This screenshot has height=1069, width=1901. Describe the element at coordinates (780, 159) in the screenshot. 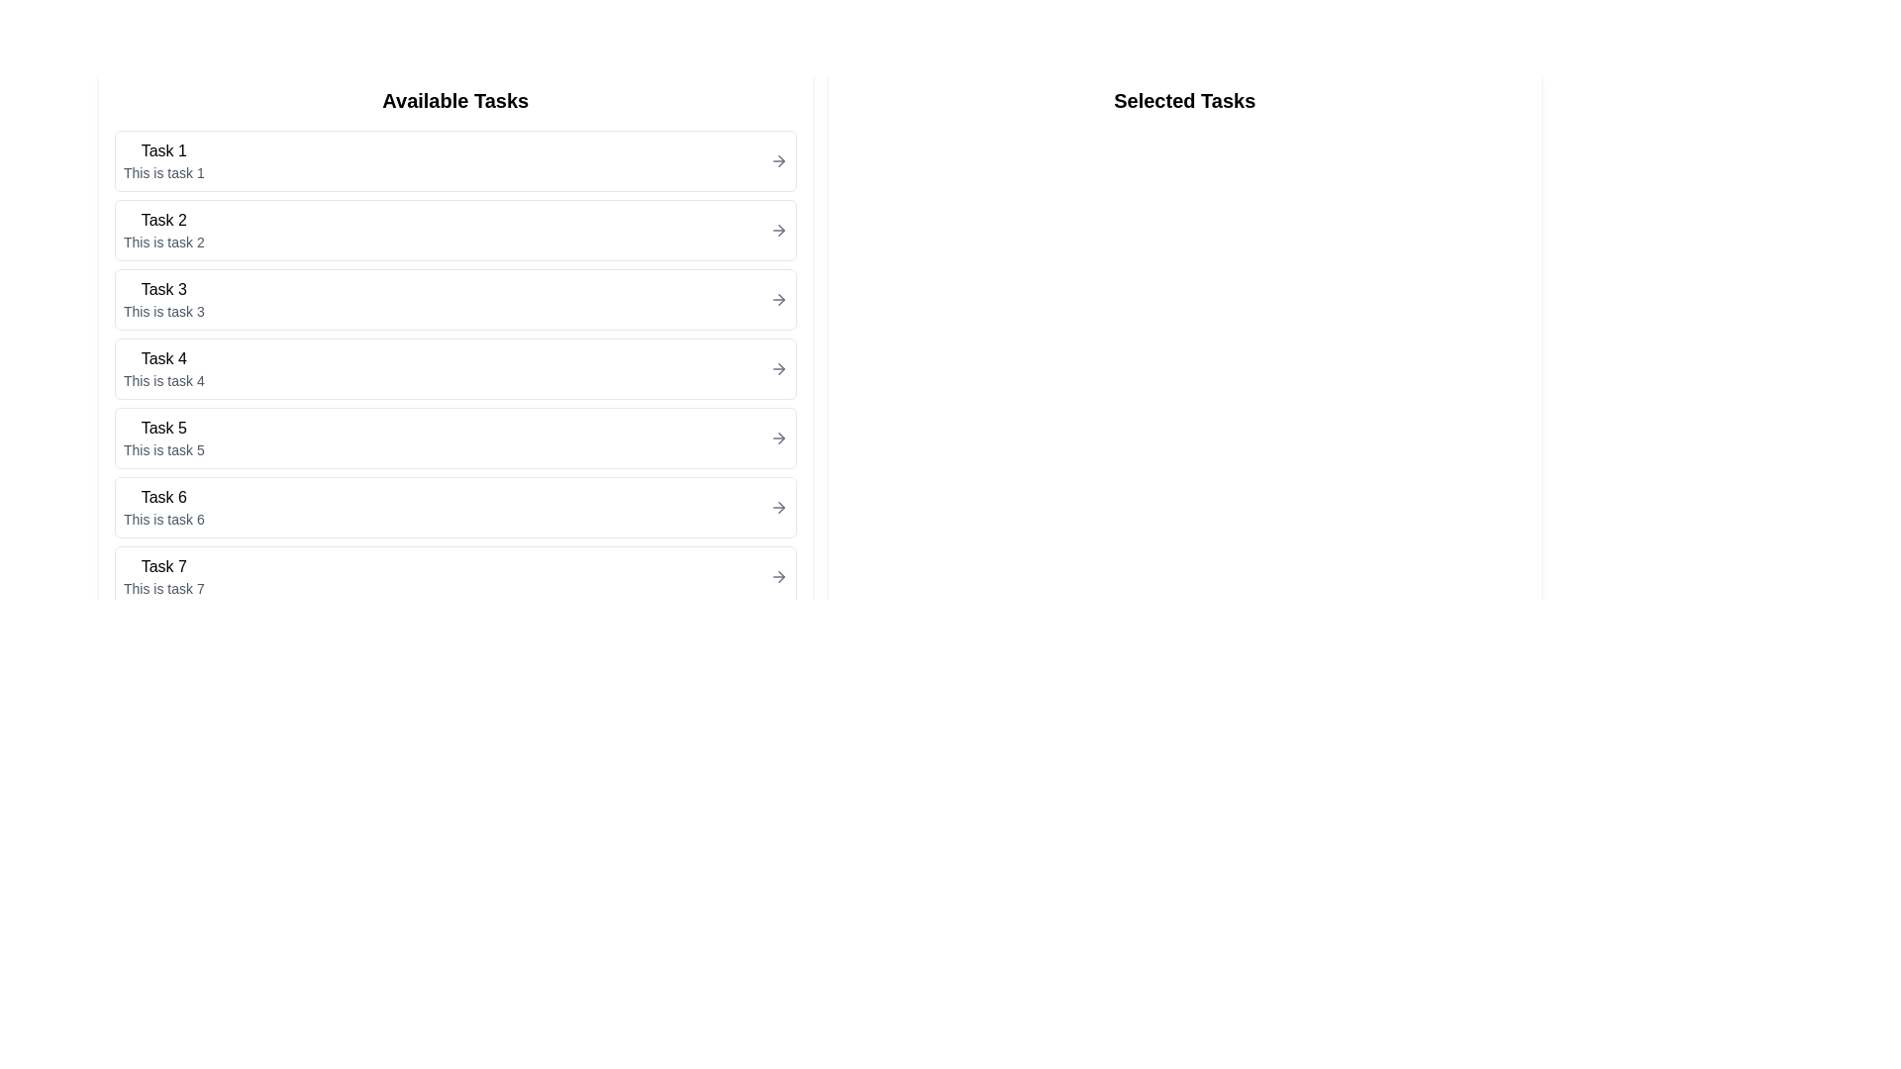

I see `the rightward-facing arrow glyph SVG icon located in the 'Available Tasks' section of the 'Task 1' list item` at that location.